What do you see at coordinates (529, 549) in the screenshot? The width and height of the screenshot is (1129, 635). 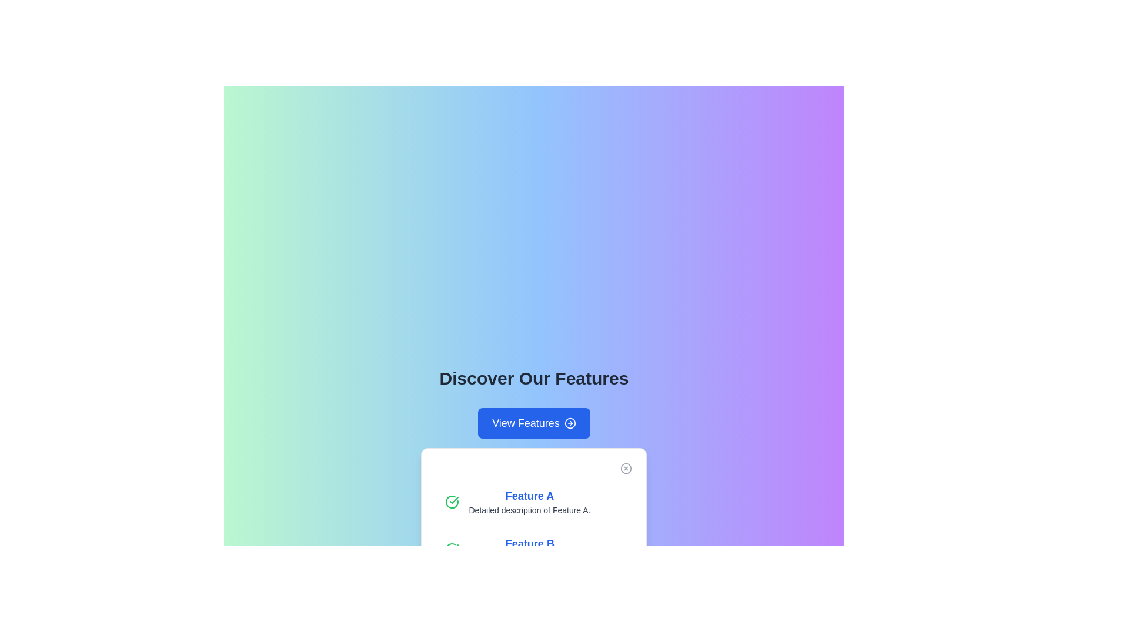 I see `the label that identifies a feature in the vertically stacked list, located below 'Feature A'` at bounding box center [529, 549].